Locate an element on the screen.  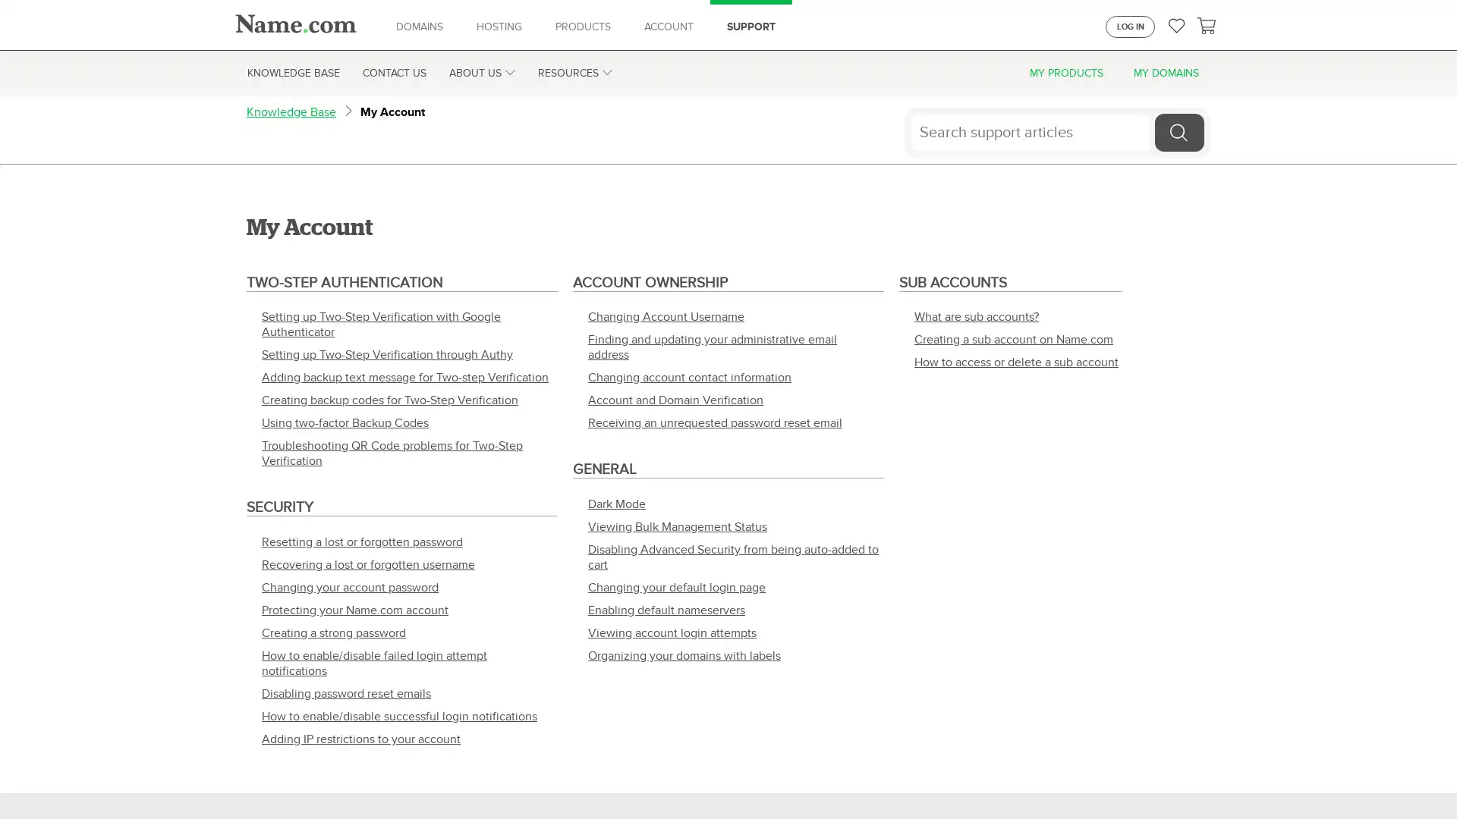
Close is located at coordinates (1431, 778).